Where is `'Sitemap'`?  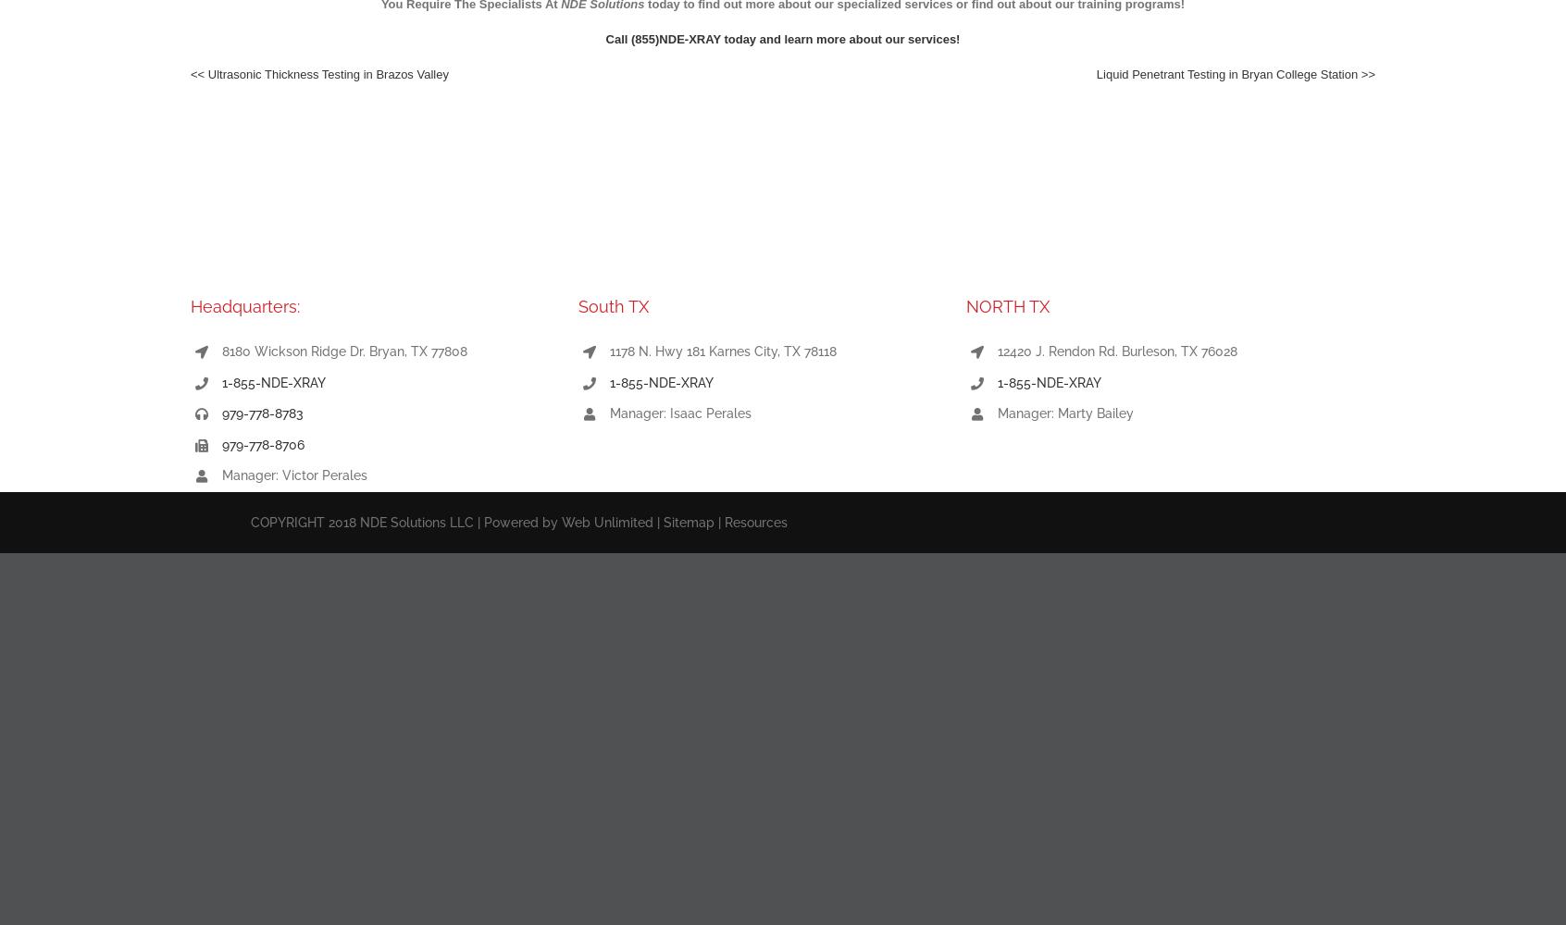
'Sitemap' is located at coordinates (688, 522).